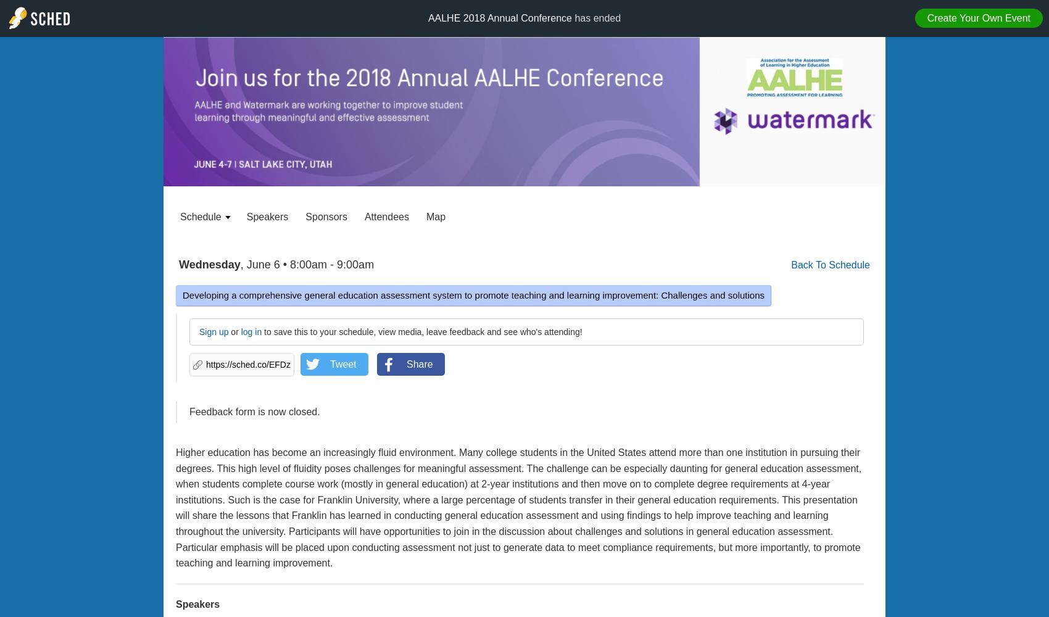 Image resolution: width=1049 pixels, height=617 pixels. I want to click on 'Sign up', so click(213, 332).